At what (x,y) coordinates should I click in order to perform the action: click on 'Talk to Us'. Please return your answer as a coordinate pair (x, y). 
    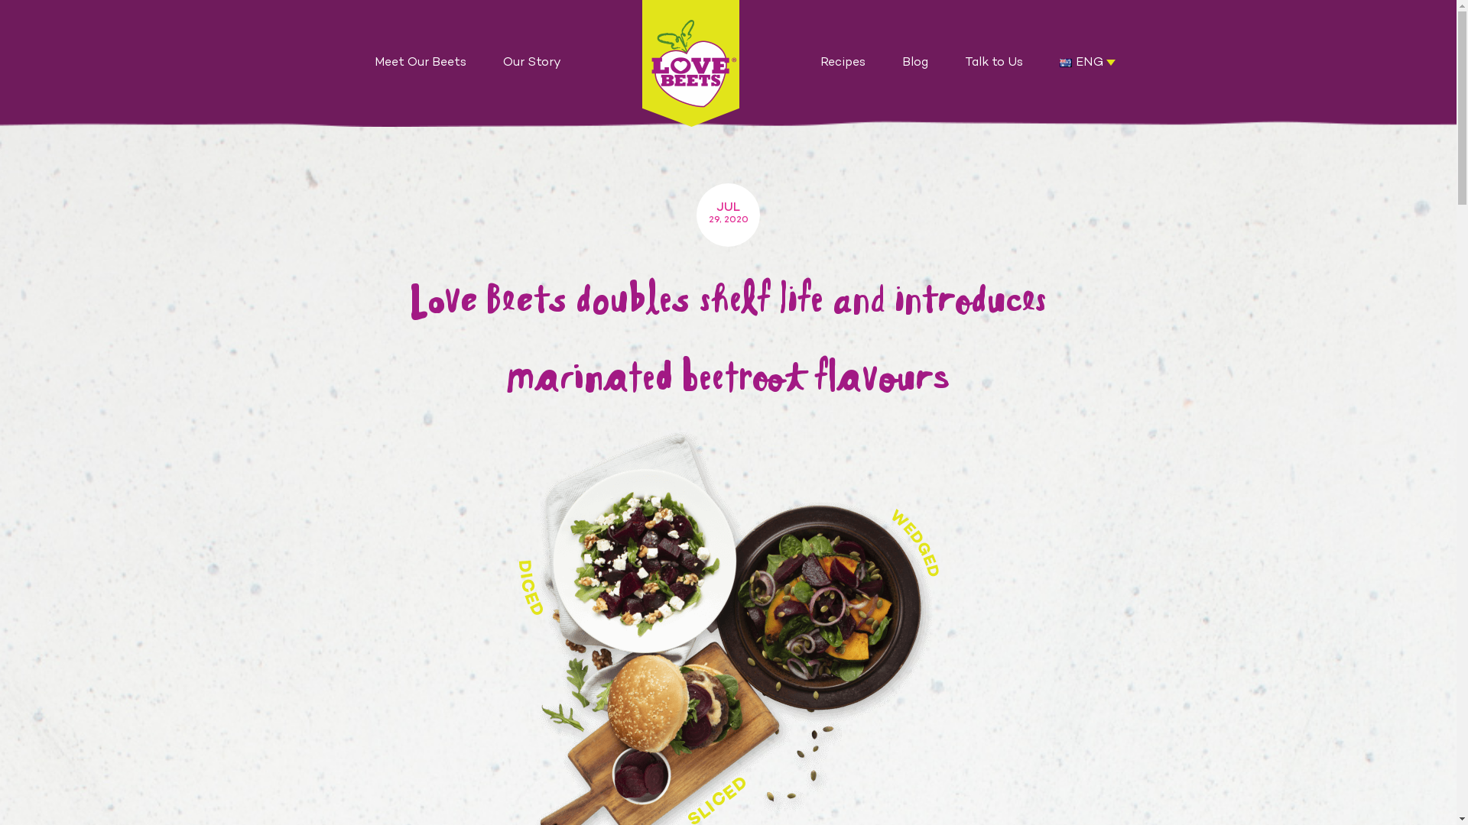
    Looking at the image, I should click on (947, 63).